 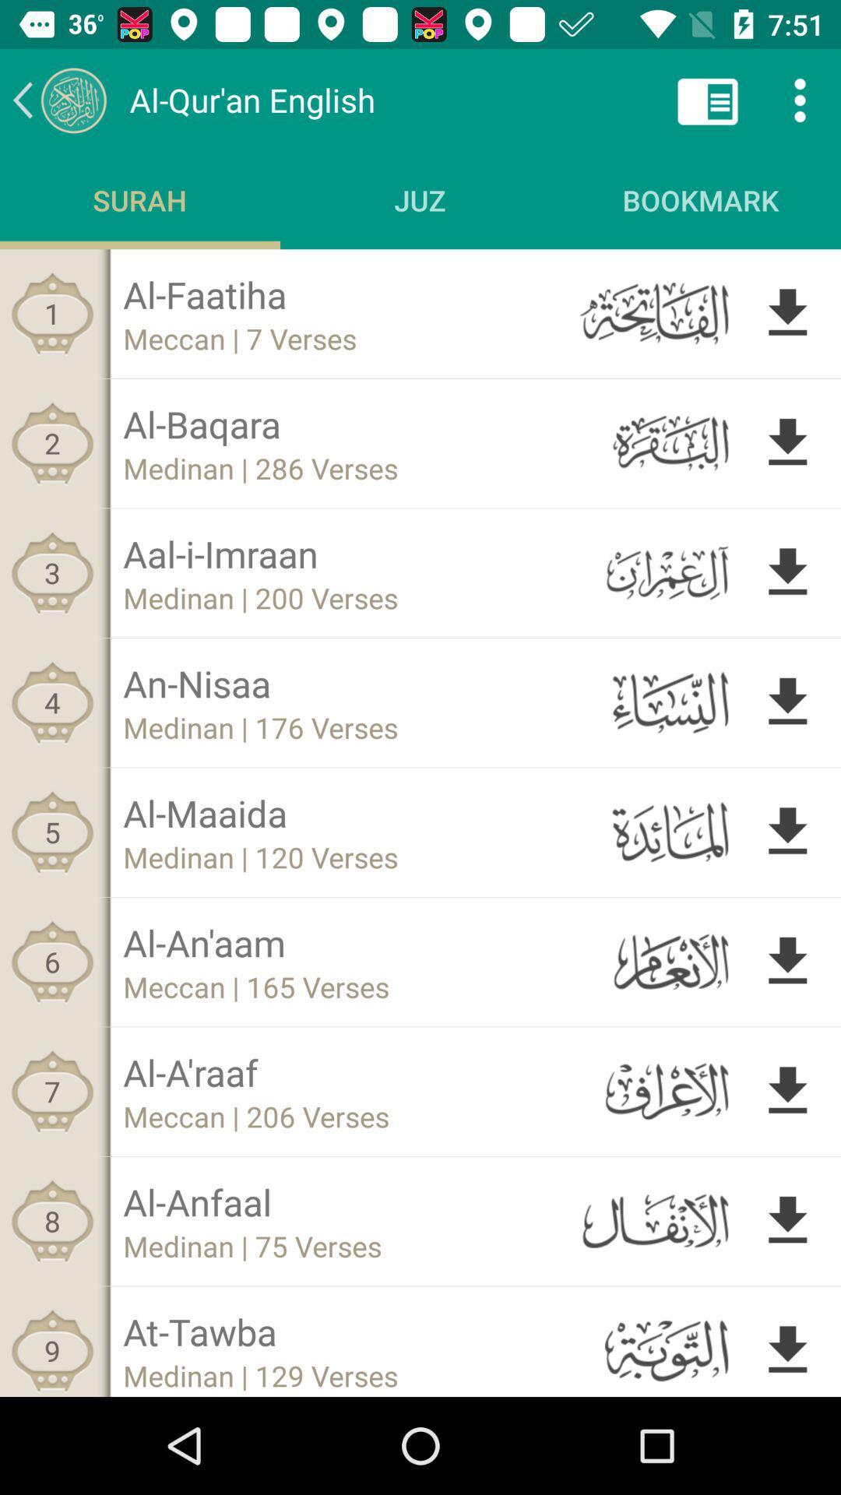 What do you see at coordinates (787, 702) in the screenshot?
I see `down load` at bounding box center [787, 702].